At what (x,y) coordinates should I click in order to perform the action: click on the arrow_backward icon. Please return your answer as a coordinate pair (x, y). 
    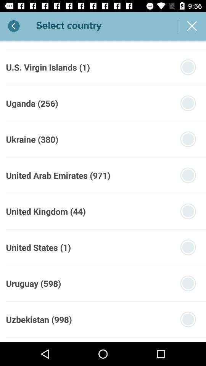
    Looking at the image, I should click on (14, 26).